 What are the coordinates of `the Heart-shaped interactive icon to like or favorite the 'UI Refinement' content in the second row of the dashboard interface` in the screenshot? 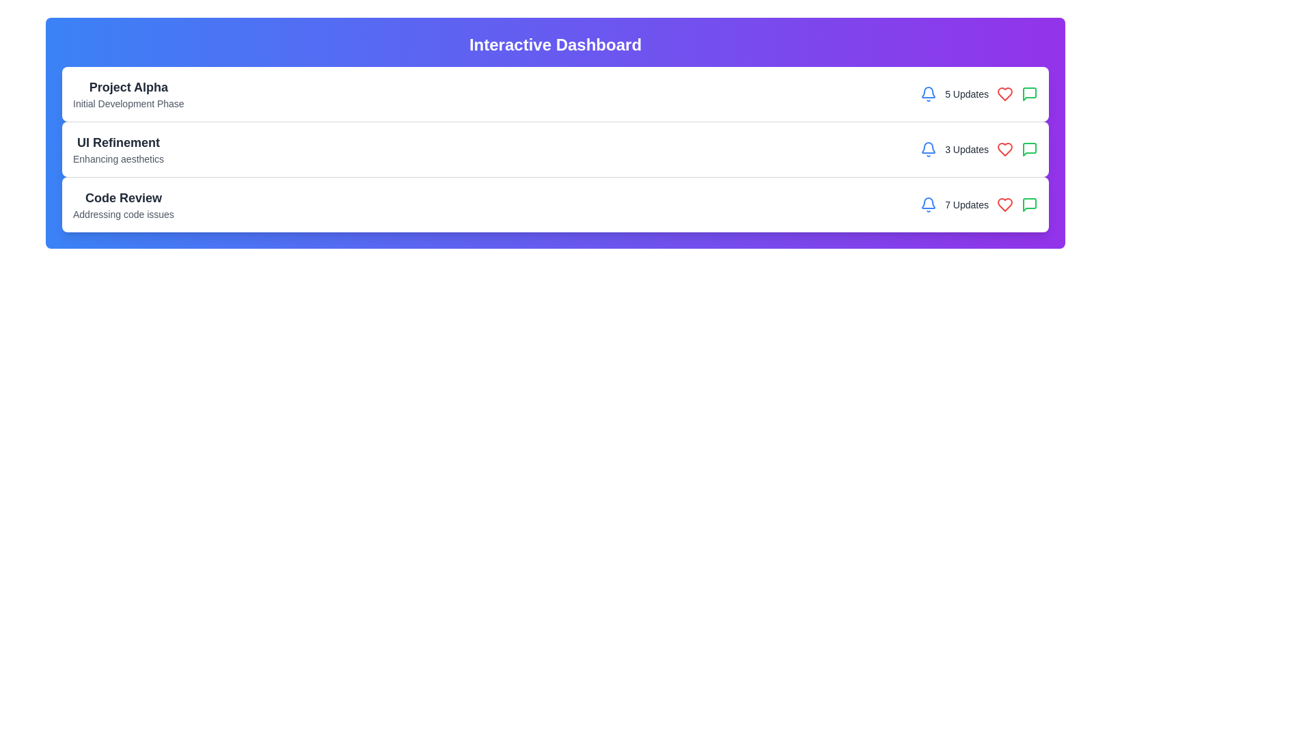 It's located at (1004, 150).